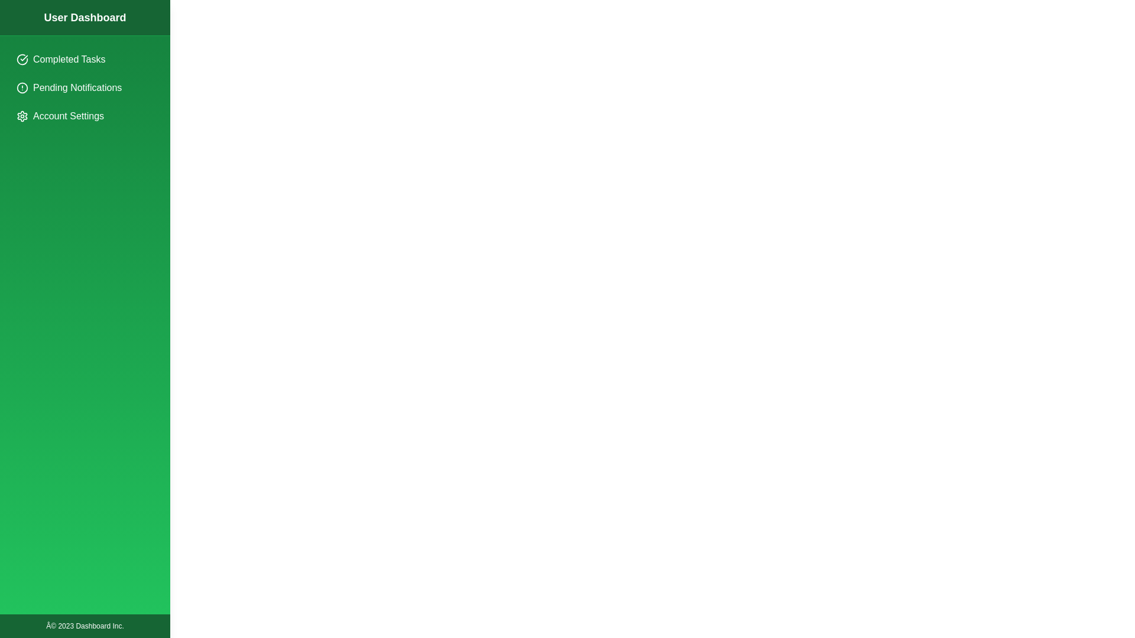 The height and width of the screenshot is (638, 1135). I want to click on the menu item Account Settings, so click(85, 116).